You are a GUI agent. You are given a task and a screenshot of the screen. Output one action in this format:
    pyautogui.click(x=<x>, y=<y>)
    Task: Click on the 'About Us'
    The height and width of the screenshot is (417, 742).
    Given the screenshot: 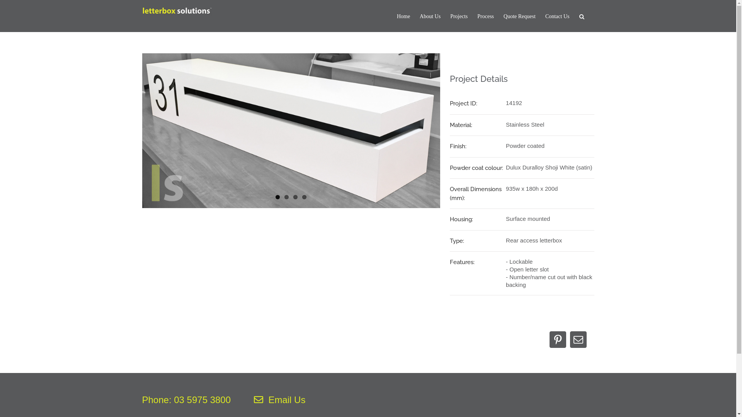 What is the action you would take?
    pyautogui.click(x=430, y=16)
    